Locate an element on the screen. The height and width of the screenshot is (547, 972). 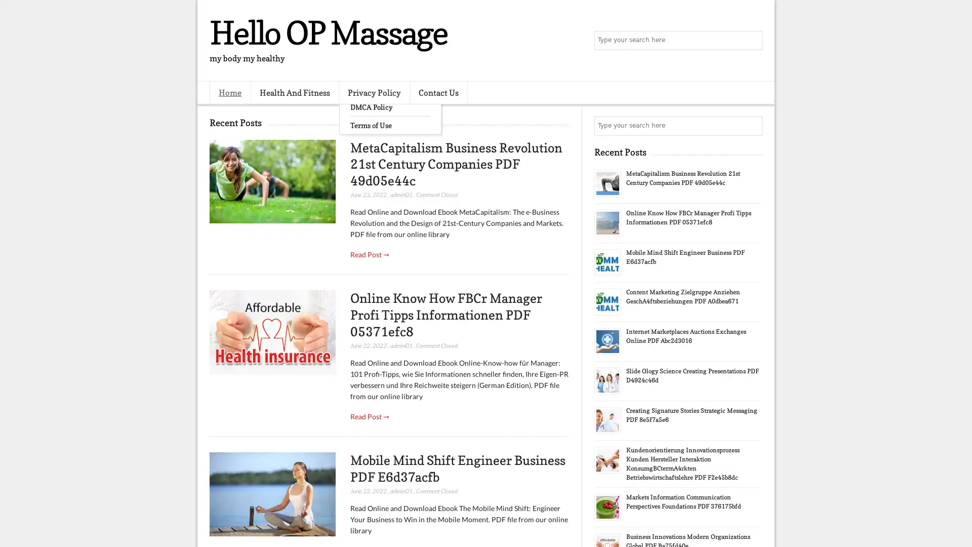
Search is located at coordinates (752, 41).